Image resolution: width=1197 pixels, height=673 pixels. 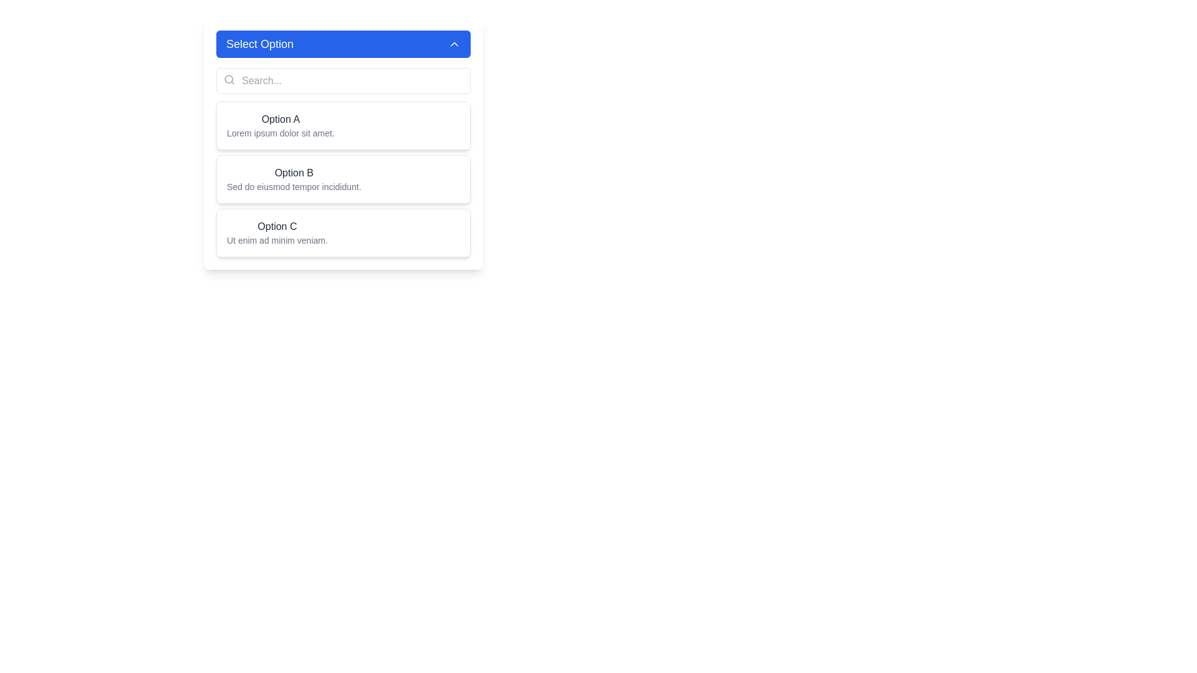 What do you see at coordinates (276, 240) in the screenshot?
I see `the static text label that provides additional details for 'Option C', located as the second text line below it in the dropdown-like UI` at bounding box center [276, 240].